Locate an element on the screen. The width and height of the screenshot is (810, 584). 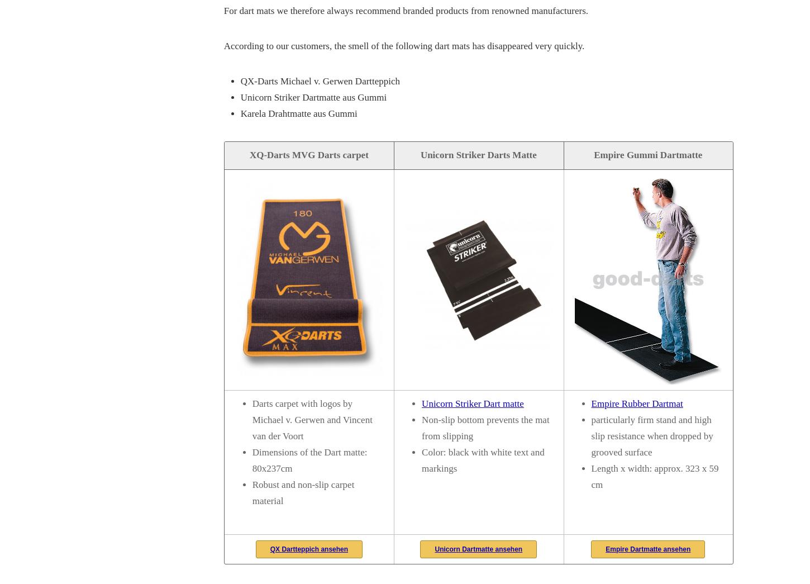
'Karela Drahtmatte aus Gummi' is located at coordinates (298, 113).